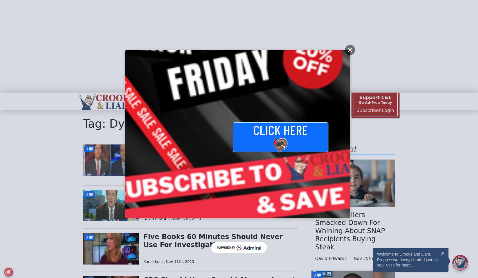 Image resolution: width=478 pixels, height=278 pixels. I want to click on 'Nov 11th, 2013', so click(180, 261).